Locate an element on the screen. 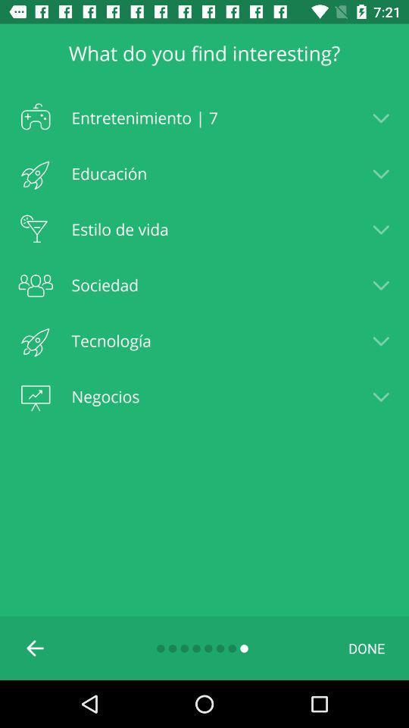 This screenshot has height=728, width=409. done is located at coordinates (366, 647).